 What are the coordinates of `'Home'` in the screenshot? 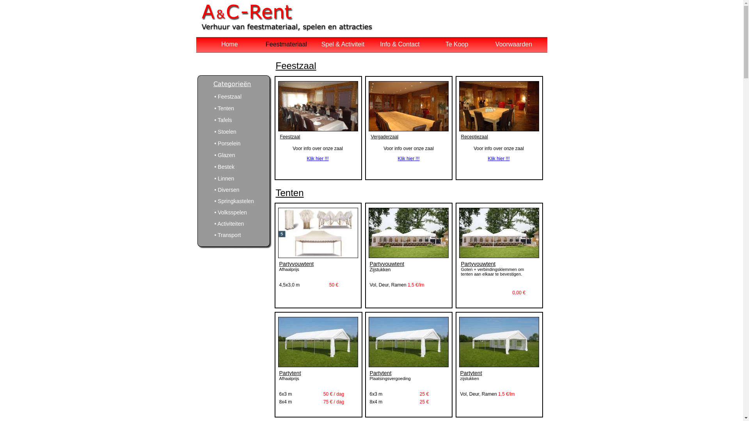 It's located at (220, 44).